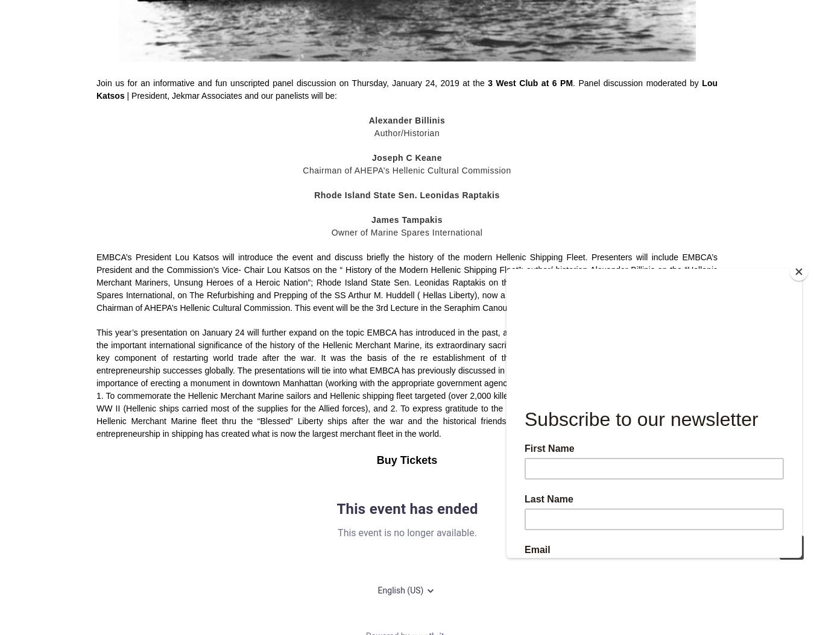 The image size is (814, 635). Describe the element at coordinates (406, 231) in the screenshot. I see `'Owner of Marine Spares International'` at that location.